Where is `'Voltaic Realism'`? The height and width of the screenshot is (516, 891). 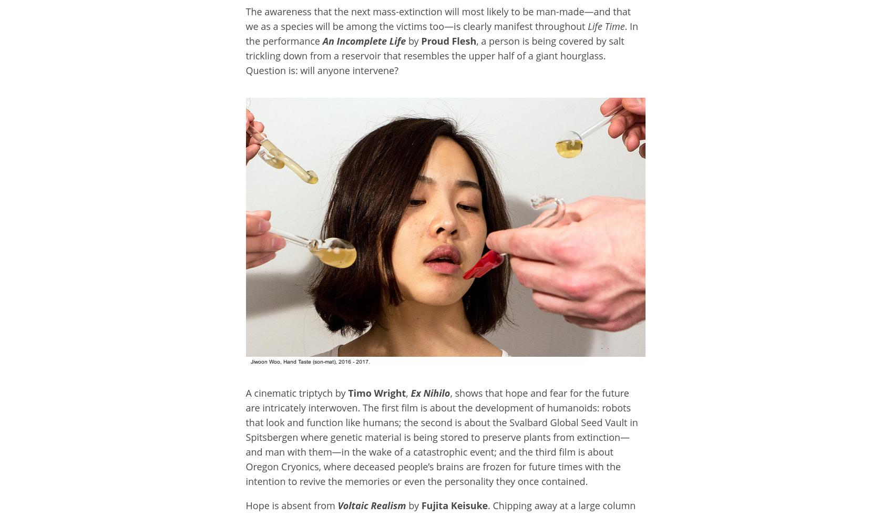 'Voltaic Realism' is located at coordinates (371, 506).